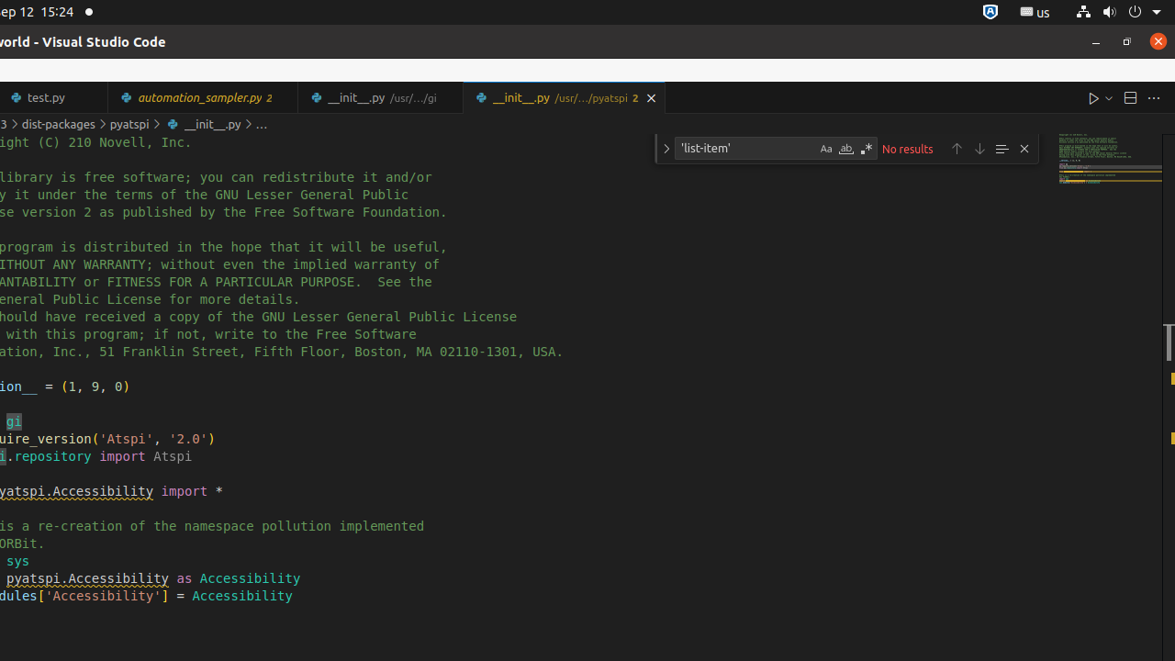  I want to click on 'Run Python File', so click(1093, 97).